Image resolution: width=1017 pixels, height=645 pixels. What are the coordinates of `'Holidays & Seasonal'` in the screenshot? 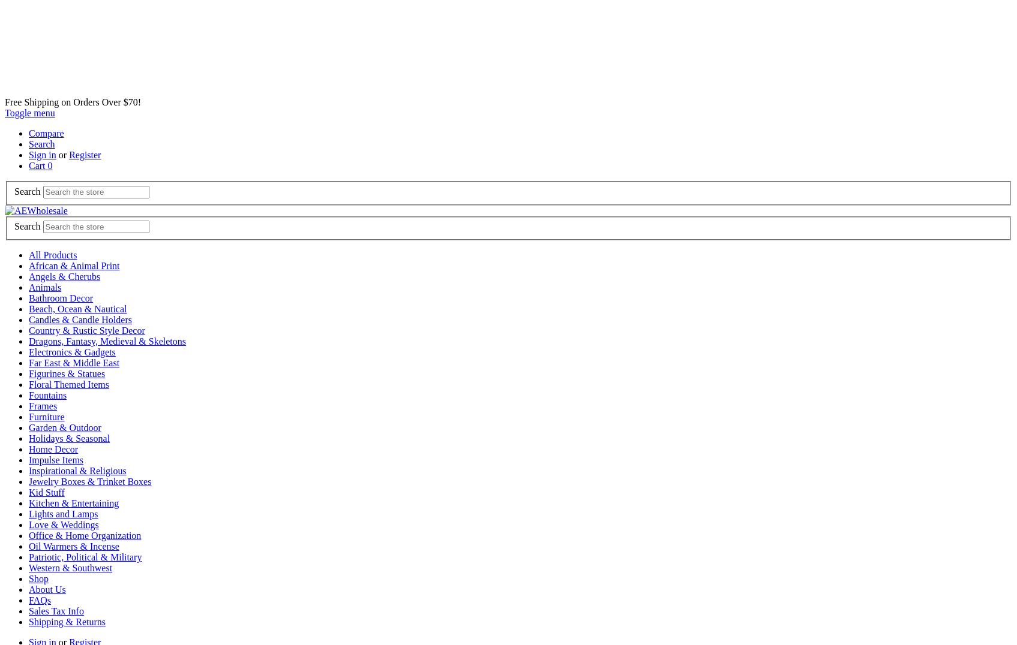 It's located at (68, 438).